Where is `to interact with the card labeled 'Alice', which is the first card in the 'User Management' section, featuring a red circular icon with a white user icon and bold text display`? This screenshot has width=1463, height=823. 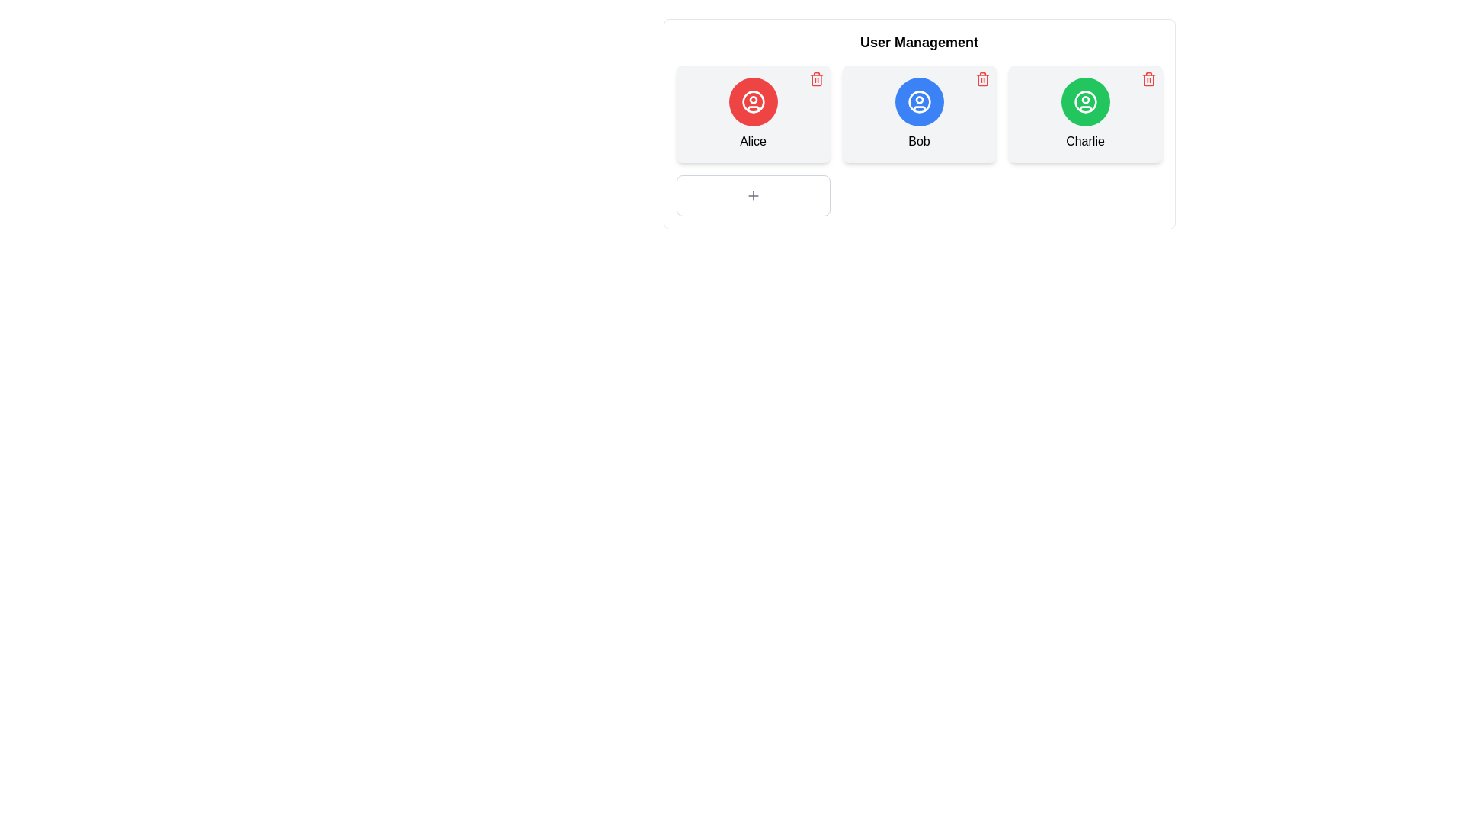 to interact with the card labeled 'Alice', which is the first card in the 'User Management' section, featuring a red circular icon with a white user icon and bold text display is located at coordinates (753, 114).